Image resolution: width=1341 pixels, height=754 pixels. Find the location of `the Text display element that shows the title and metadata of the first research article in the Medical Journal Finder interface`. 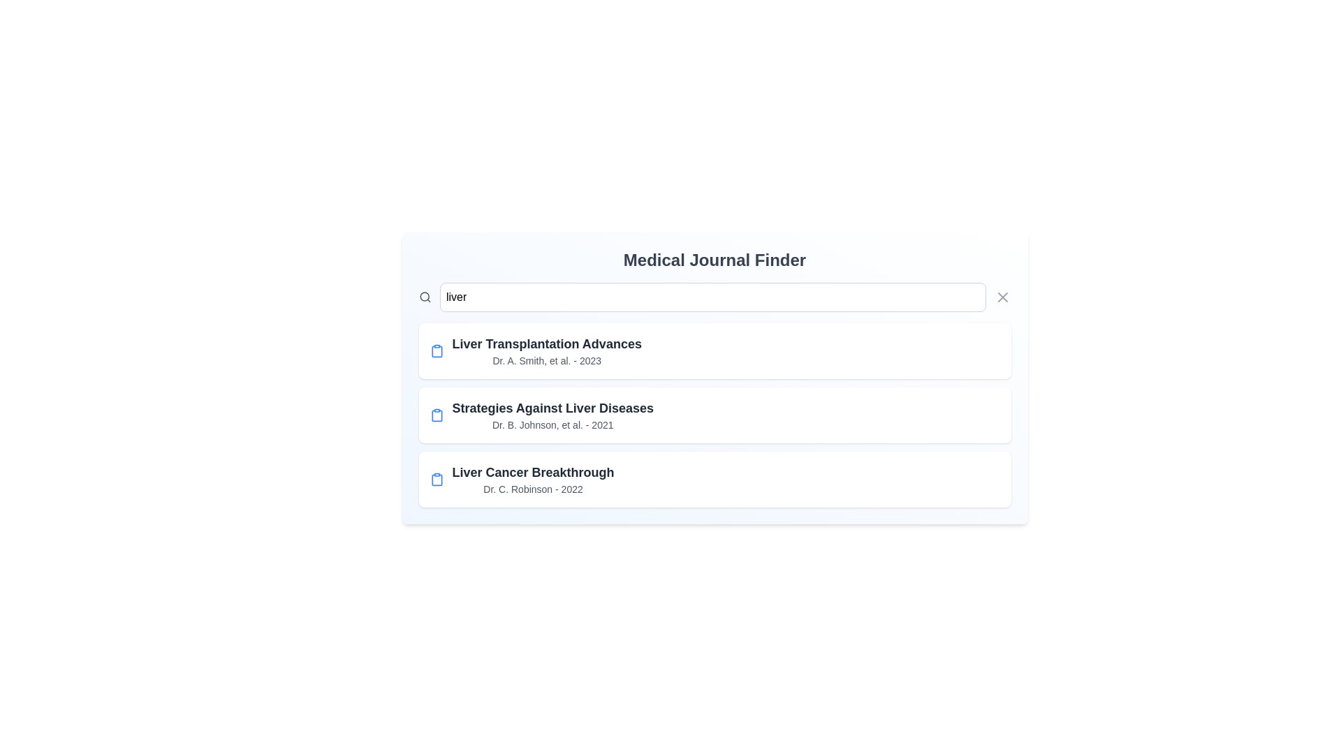

the Text display element that shows the title and metadata of the first research article in the Medical Journal Finder interface is located at coordinates (546, 350).